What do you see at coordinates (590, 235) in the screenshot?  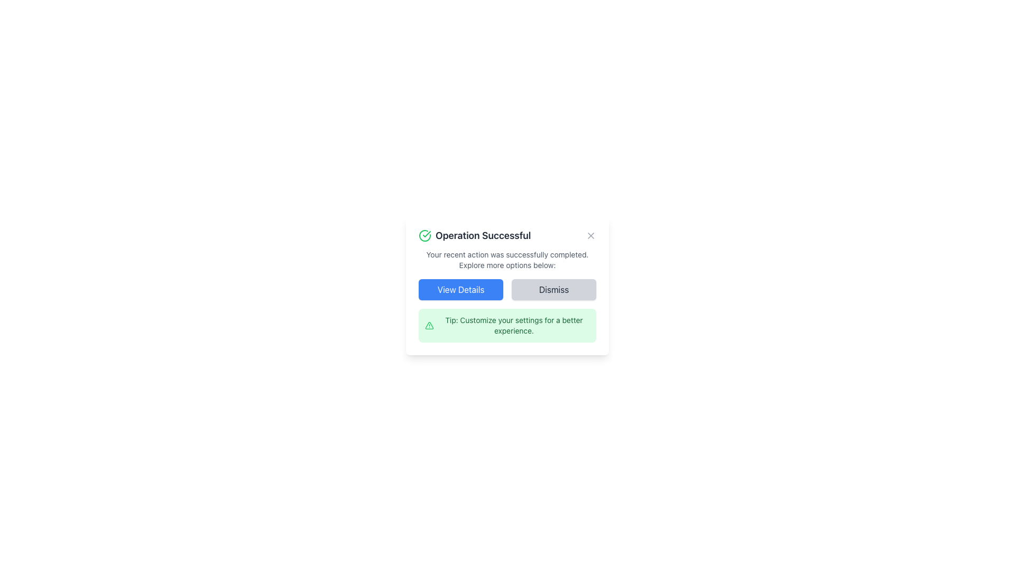 I see `the dismiss button represented by an 'X' icon located at the top-right corner of the notification card with the message 'Operation Successful'` at bounding box center [590, 235].